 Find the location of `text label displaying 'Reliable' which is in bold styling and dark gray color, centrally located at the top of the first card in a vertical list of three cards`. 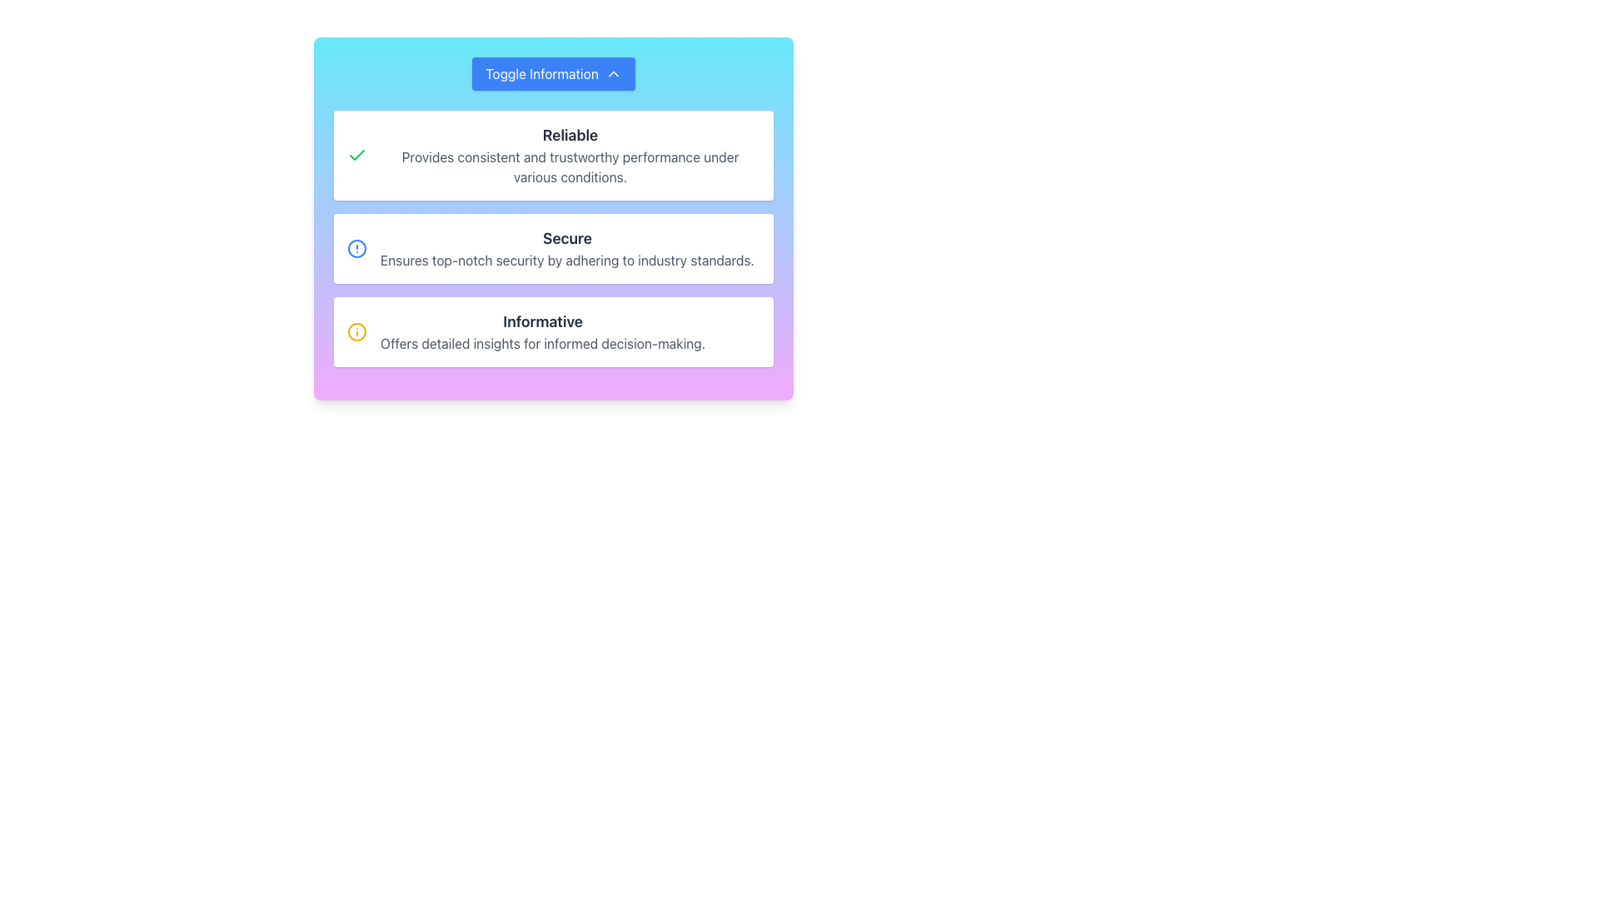

text label displaying 'Reliable' which is in bold styling and dark gray color, centrally located at the top of the first card in a vertical list of three cards is located at coordinates (570, 134).